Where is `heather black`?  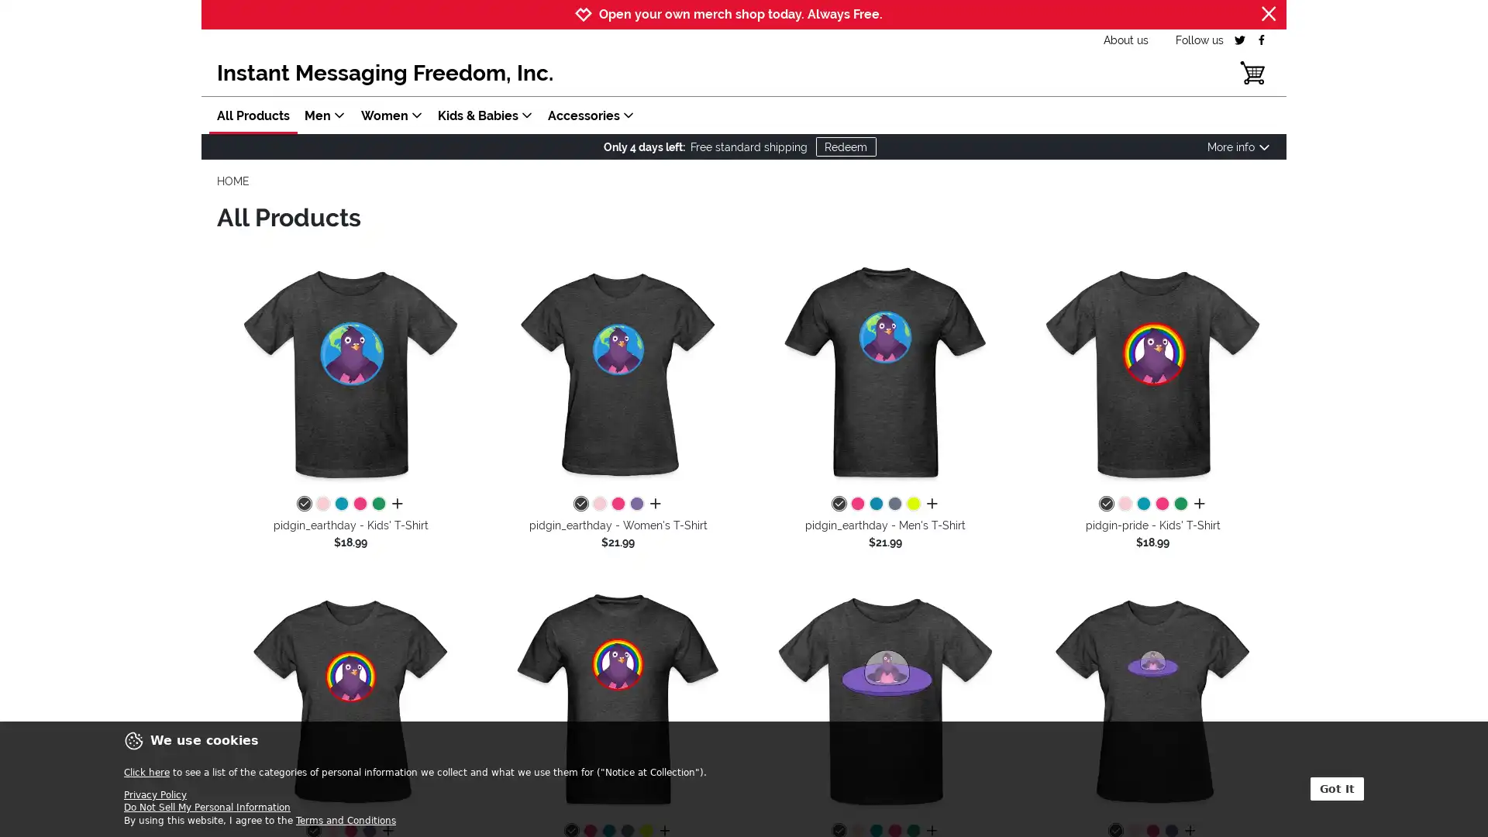
heather black is located at coordinates (304, 505).